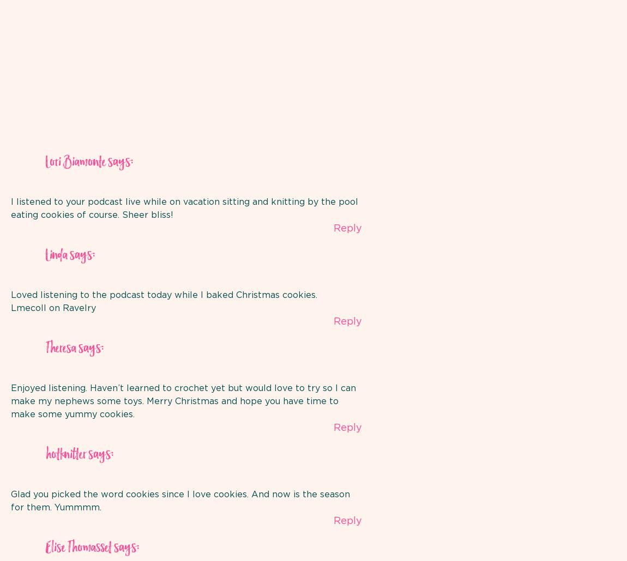 The width and height of the screenshot is (627, 561). I want to click on 'I listened to your podcast live while on vacation sitting and knitting by the pool eating cookies of course. Sheer bliss!', so click(184, 208).